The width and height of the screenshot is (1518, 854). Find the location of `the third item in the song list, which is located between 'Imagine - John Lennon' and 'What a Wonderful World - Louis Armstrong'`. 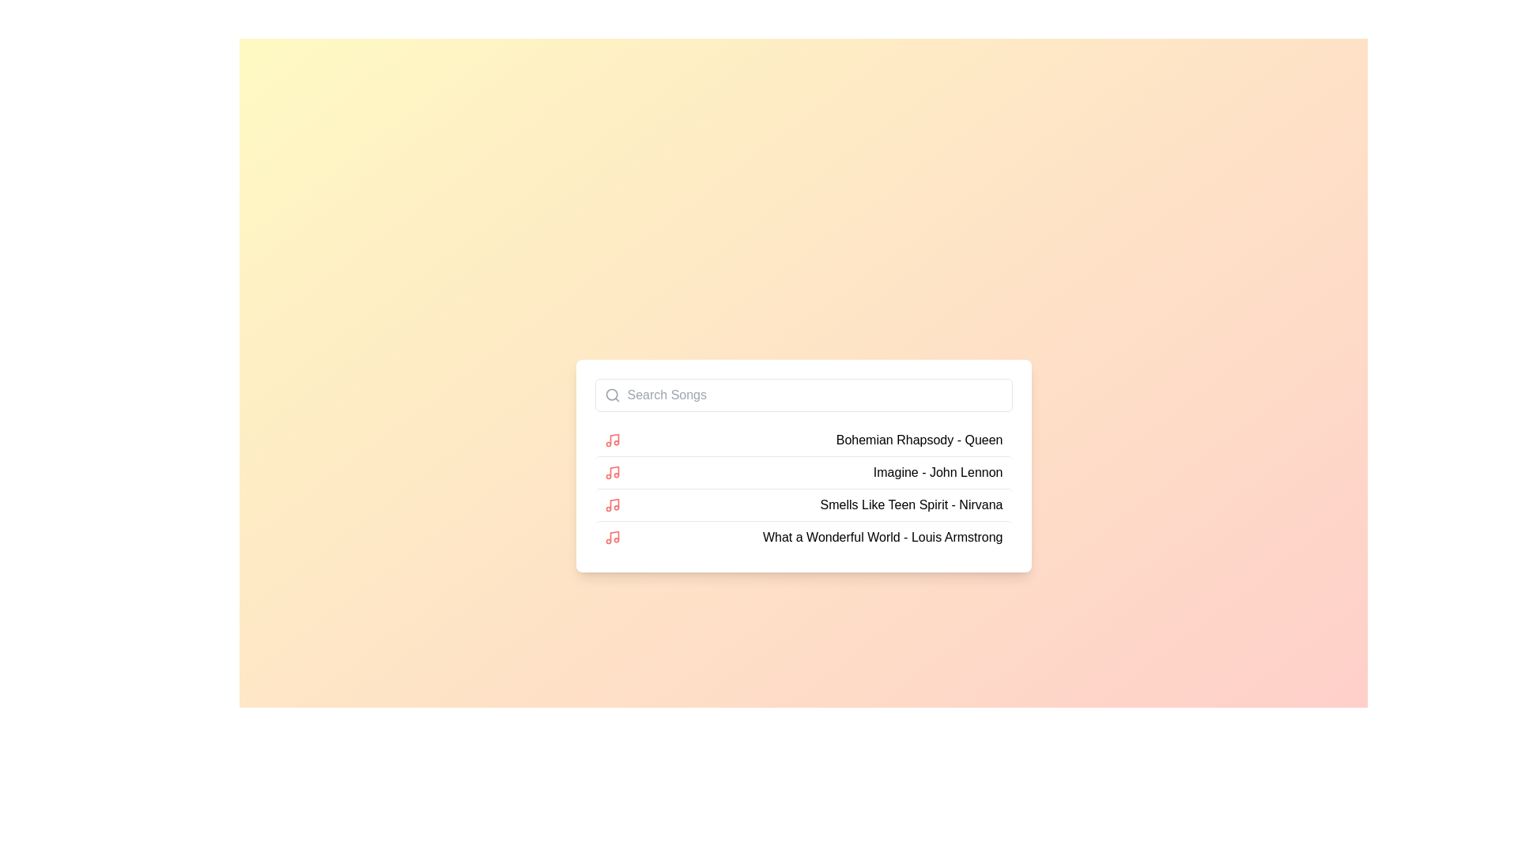

the third item in the song list, which is located between 'Imagine - John Lennon' and 'What a Wonderful World - Louis Armstrong' is located at coordinates (803, 504).